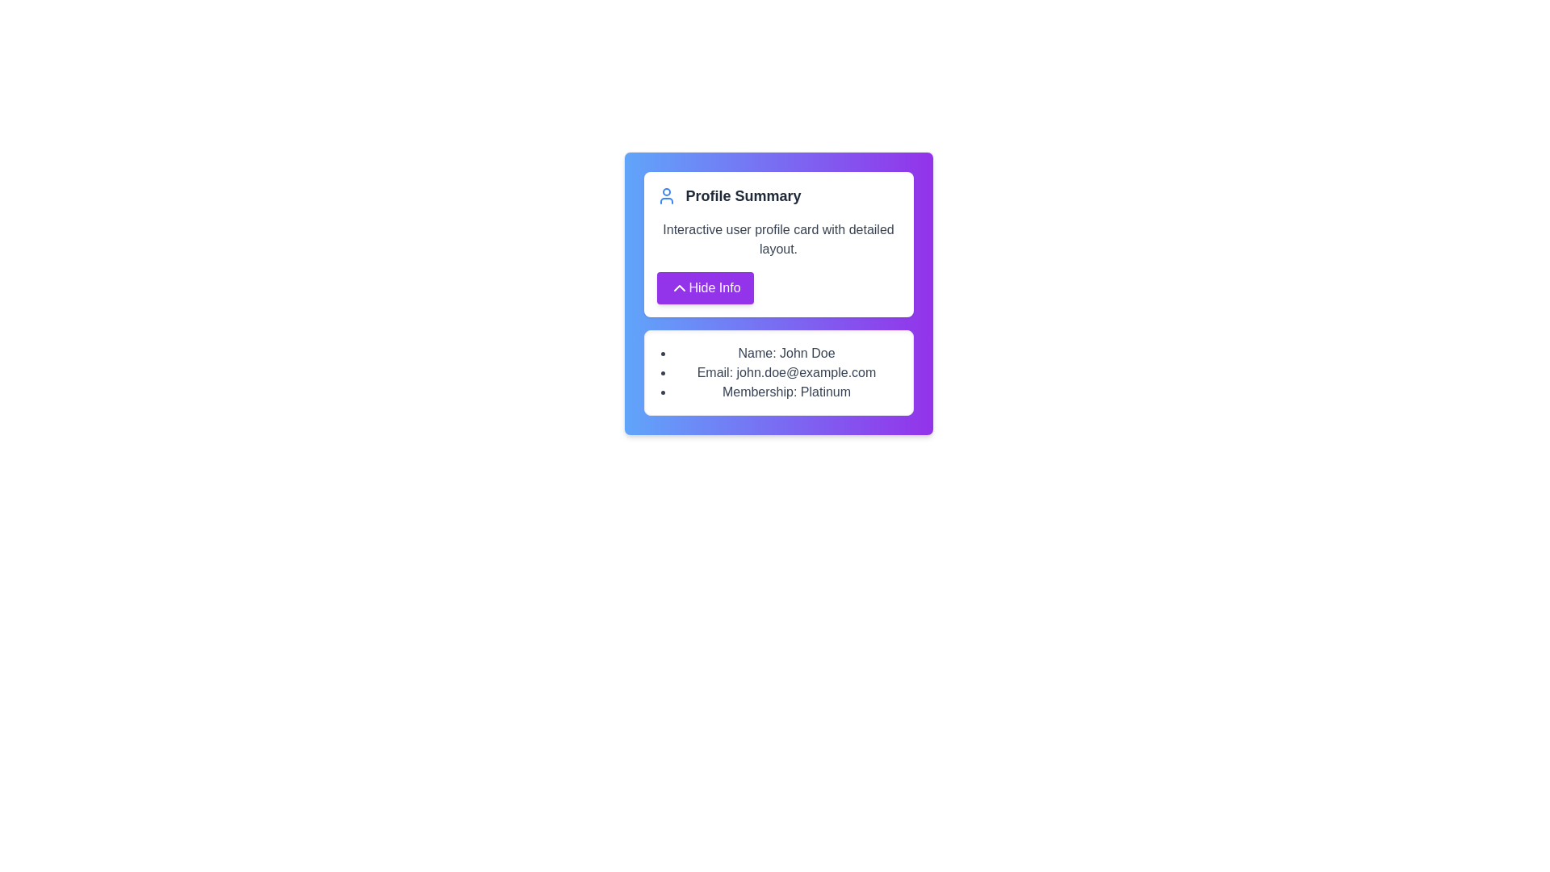 This screenshot has height=872, width=1550. I want to click on text label of the button that hides additional user information, located at the center-right side of the button below the 'Profile Summary' heading, so click(714, 287).